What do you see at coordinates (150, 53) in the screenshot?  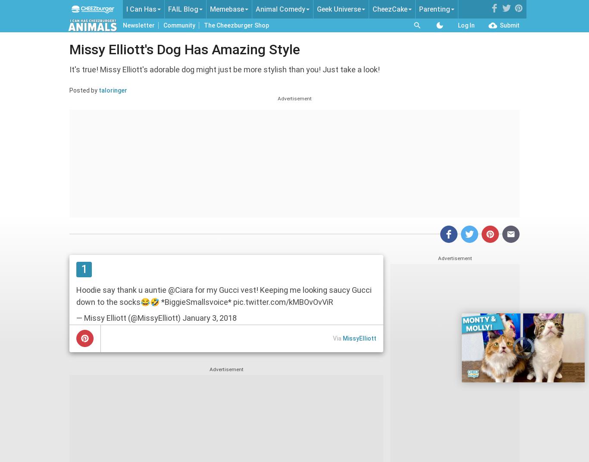 I see `'Cat Meme Of The Decade'` at bounding box center [150, 53].